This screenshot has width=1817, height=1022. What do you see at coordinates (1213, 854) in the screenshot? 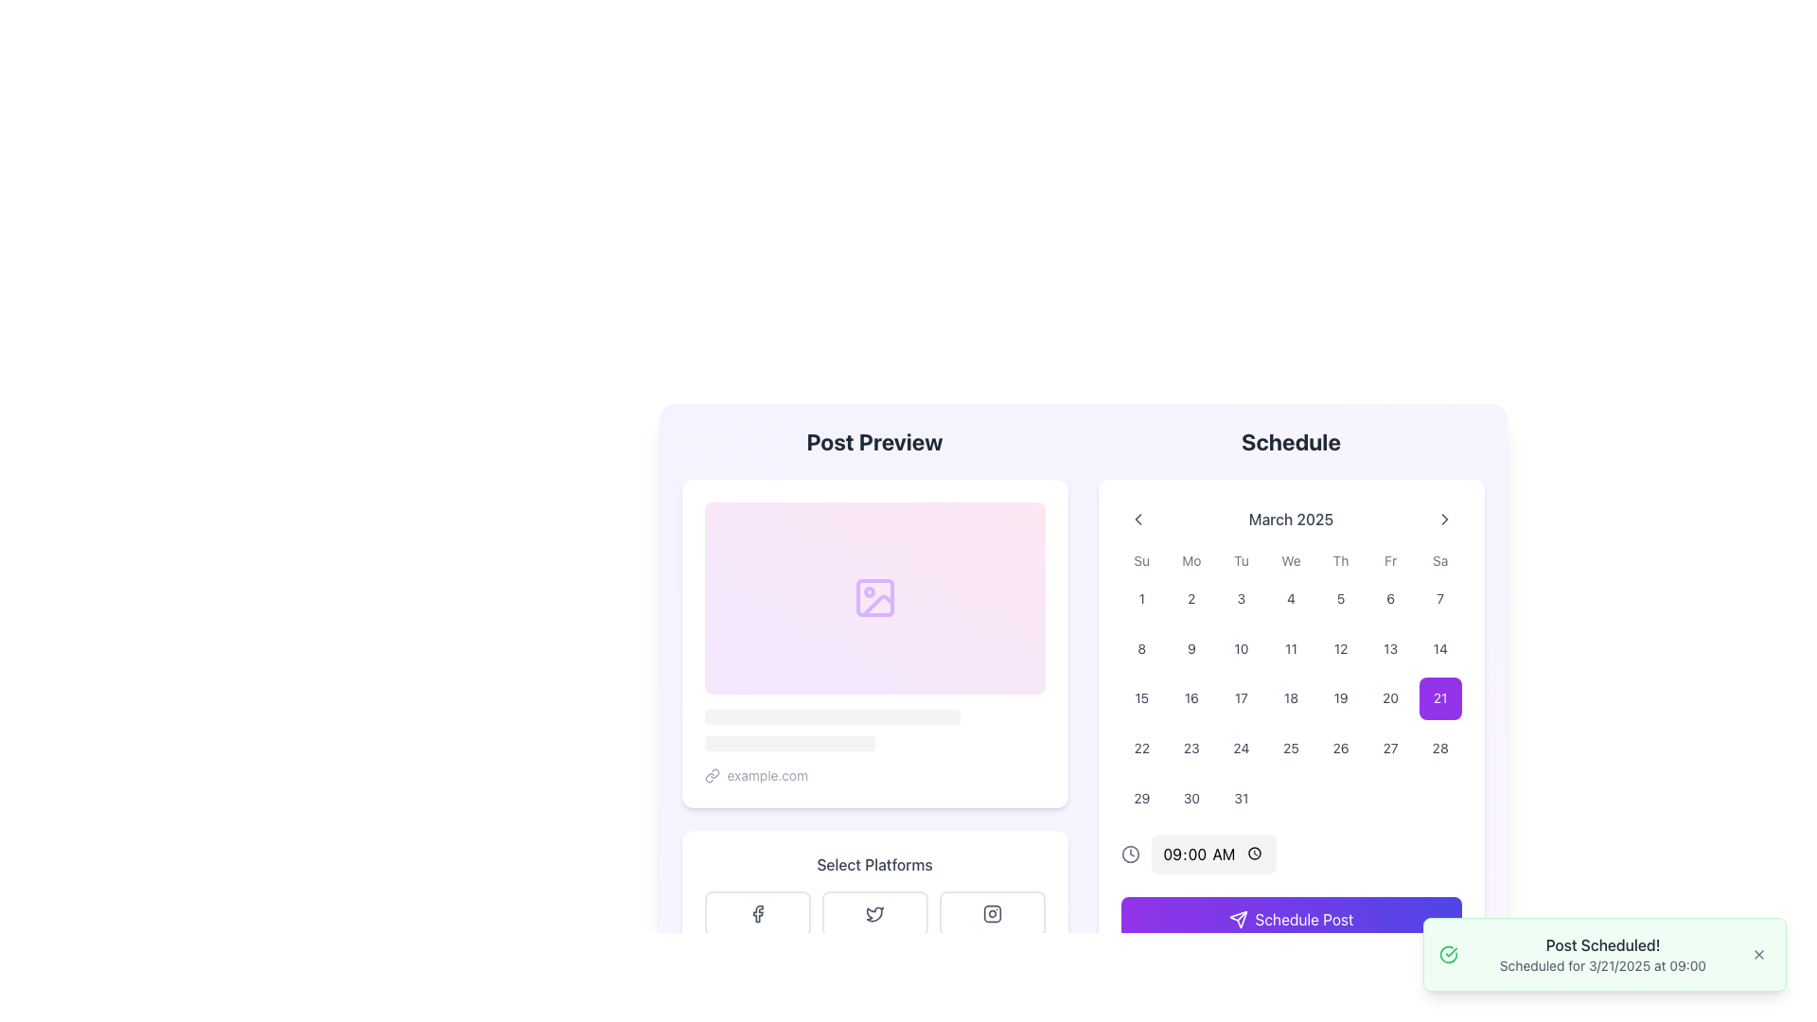
I see `the time input field with a light gray background, displaying the time '09:00 AM'` at bounding box center [1213, 854].